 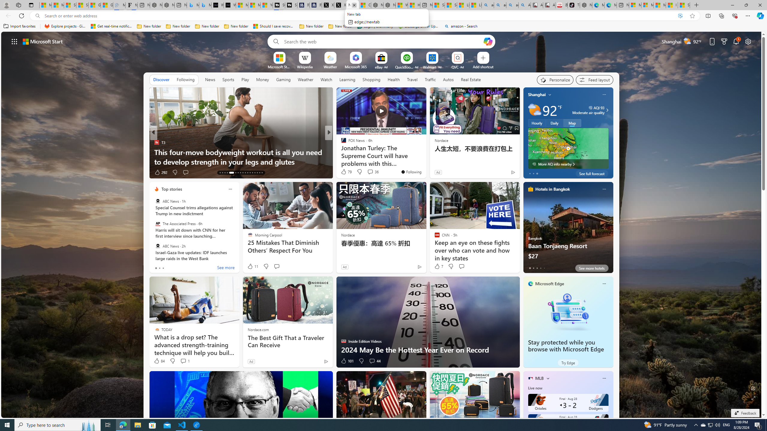 I want to click on 'Add a site', so click(x=482, y=66).